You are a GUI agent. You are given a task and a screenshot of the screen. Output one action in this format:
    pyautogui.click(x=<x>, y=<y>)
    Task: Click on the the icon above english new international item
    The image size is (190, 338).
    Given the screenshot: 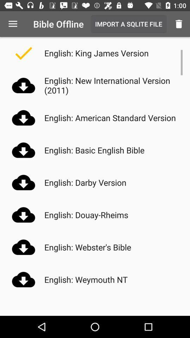 What is the action you would take?
    pyautogui.click(x=179, y=24)
    